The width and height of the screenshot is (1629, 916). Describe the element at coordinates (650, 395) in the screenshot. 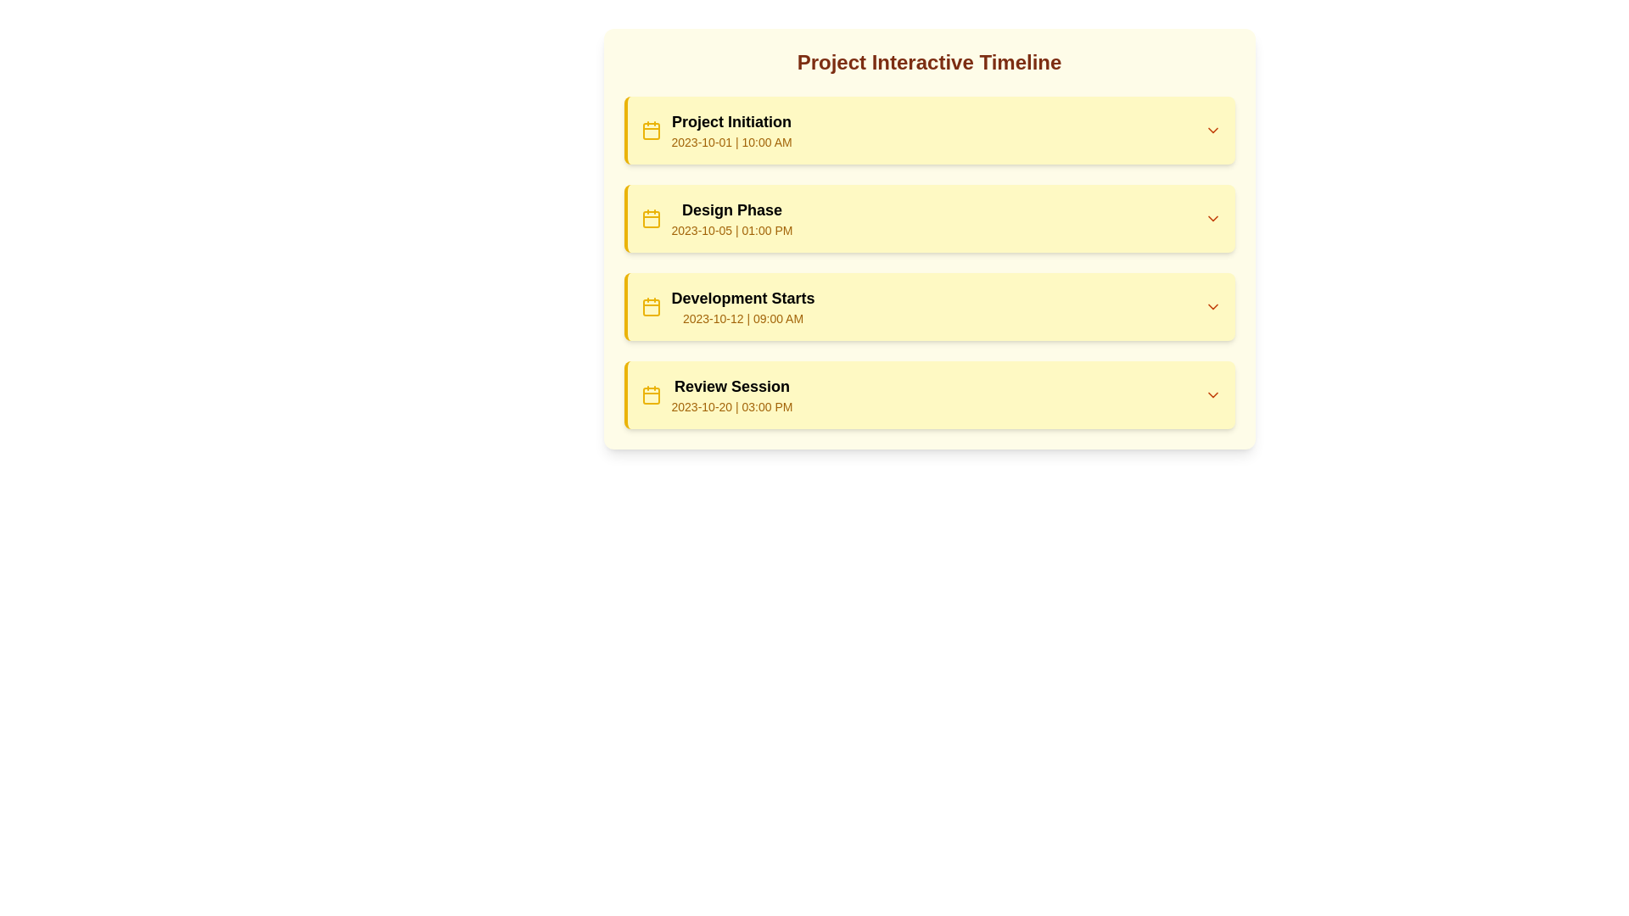

I see `the date-related entry icon located to the left of the text 'Review Session' and '2023-10-20 | 03:00 PM' in the fourth list item of the 'Project Interactive Timeline' section` at that location.